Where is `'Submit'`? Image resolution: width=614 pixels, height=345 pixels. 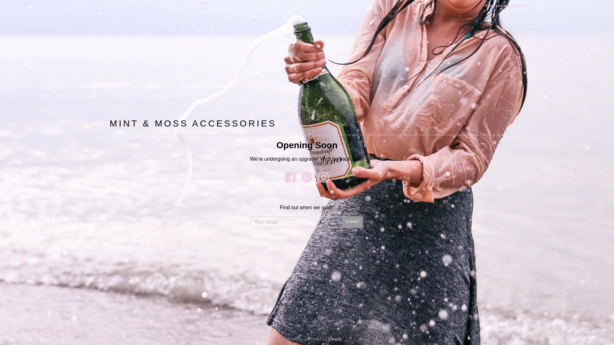
'Submit' is located at coordinates (352, 221).